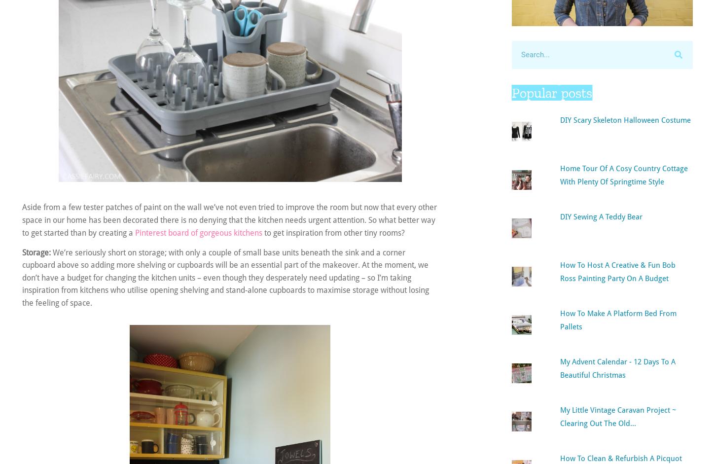 The height and width of the screenshot is (464, 715). I want to click on 'DIY scary skeleton Halloween costume', so click(625, 119).